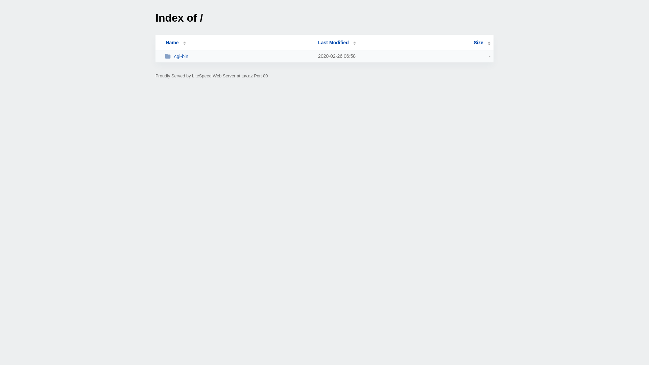 The image size is (649, 365). What do you see at coordinates (172, 43) in the screenshot?
I see `'Name'` at bounding box center [172, 43].